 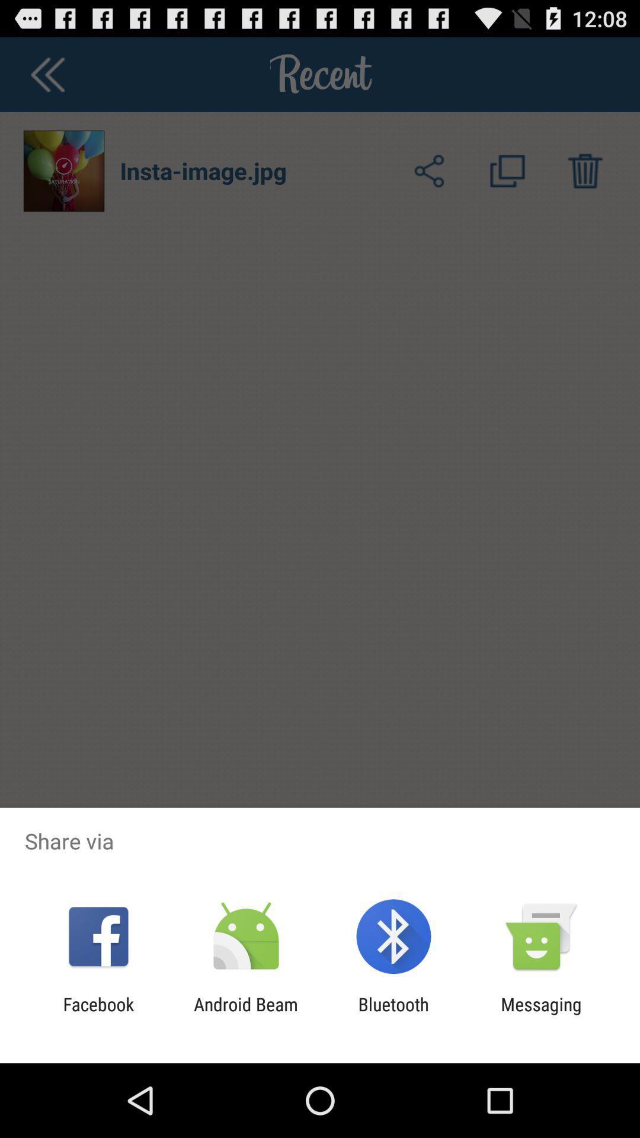 What do you see at coordinates (393, 1014) in the screenshot?
I see `item to the left of messaging` at bounding box center [393, 1014].